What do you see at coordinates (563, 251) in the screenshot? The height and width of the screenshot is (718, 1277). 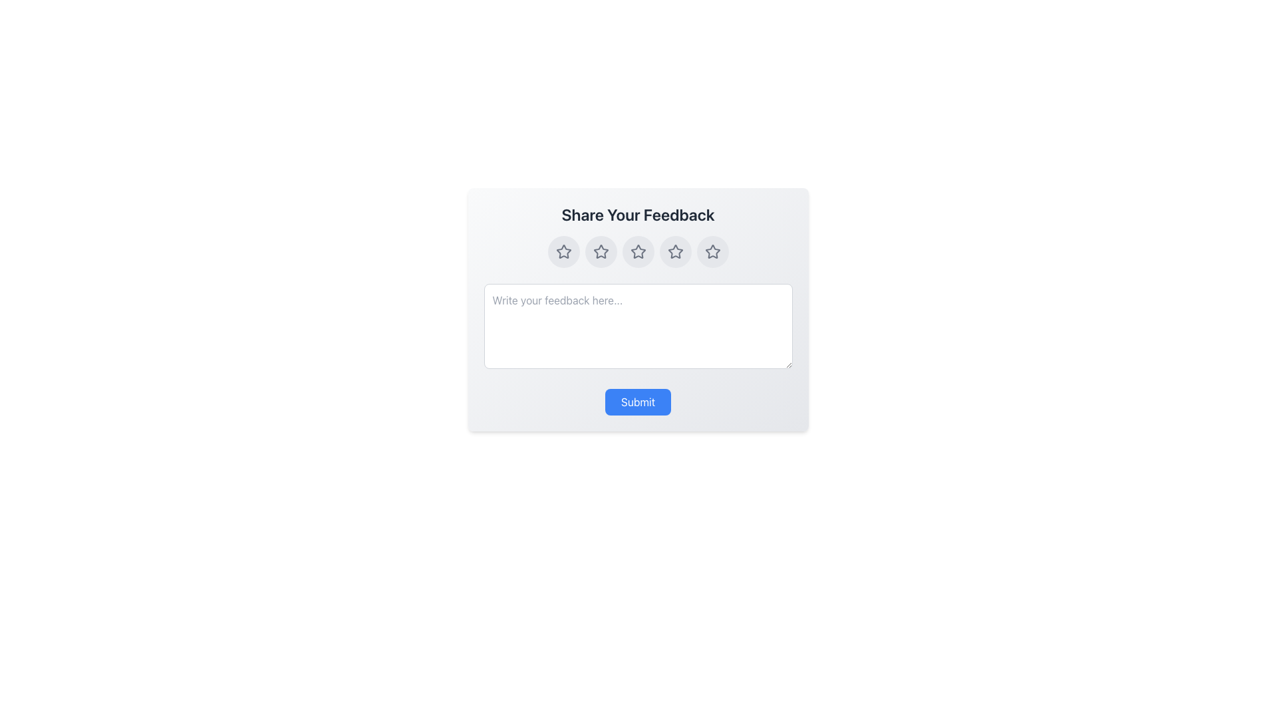 I see `the star icon representing the first rating option in the feedback modal` at bounding box center [563, 251].